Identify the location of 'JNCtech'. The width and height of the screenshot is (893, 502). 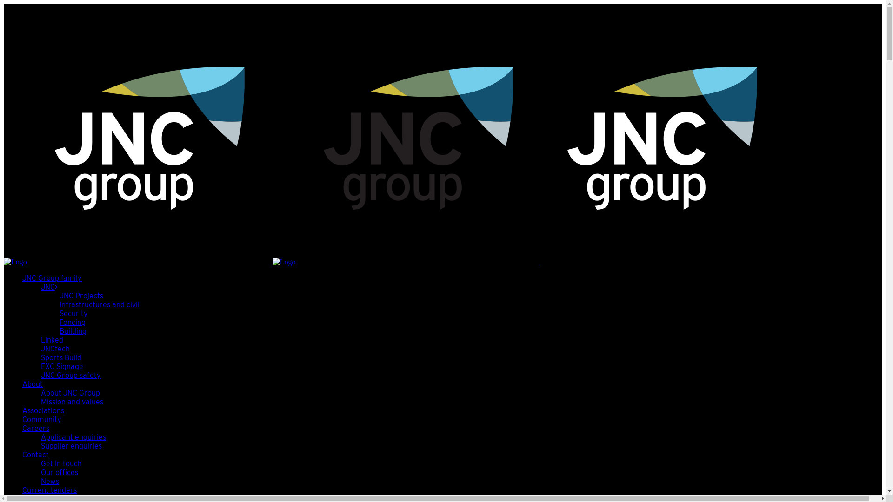
(40, 349).